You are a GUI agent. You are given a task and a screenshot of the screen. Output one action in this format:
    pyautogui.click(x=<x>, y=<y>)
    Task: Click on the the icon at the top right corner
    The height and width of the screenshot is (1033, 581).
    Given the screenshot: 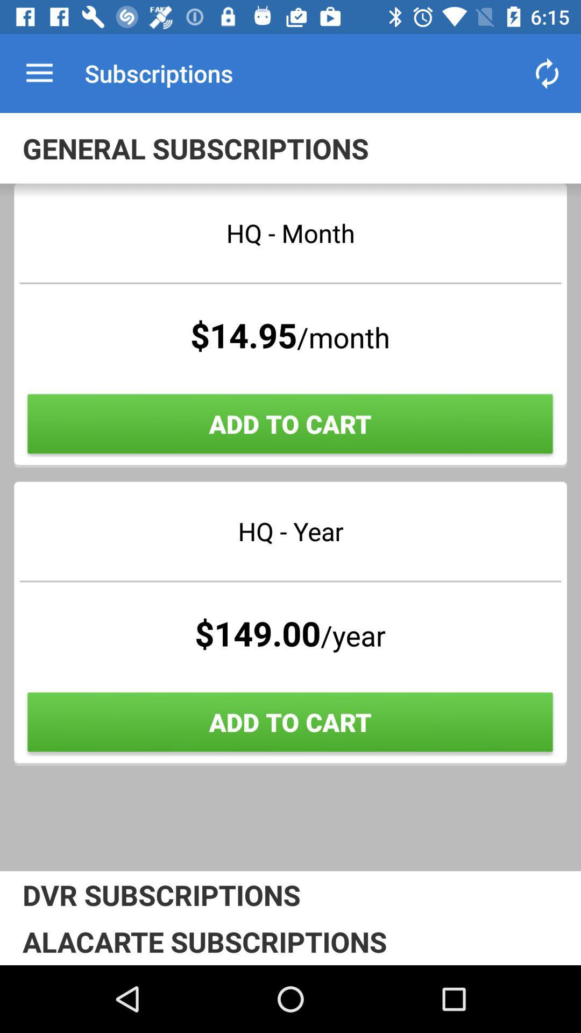 What is the action you would take?
    pyautogui.click(x=547, y=73)
    